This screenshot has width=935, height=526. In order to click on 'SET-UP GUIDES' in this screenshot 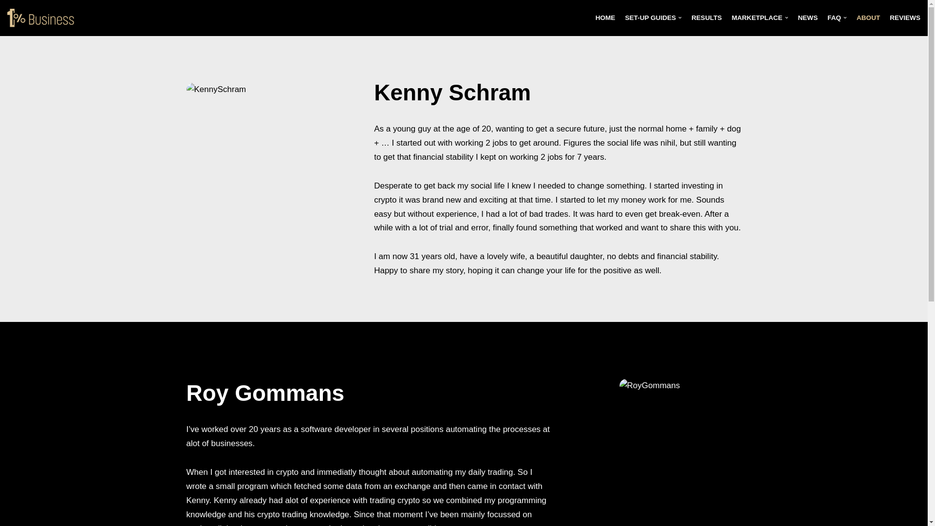, I will do `click(653, 18)`.